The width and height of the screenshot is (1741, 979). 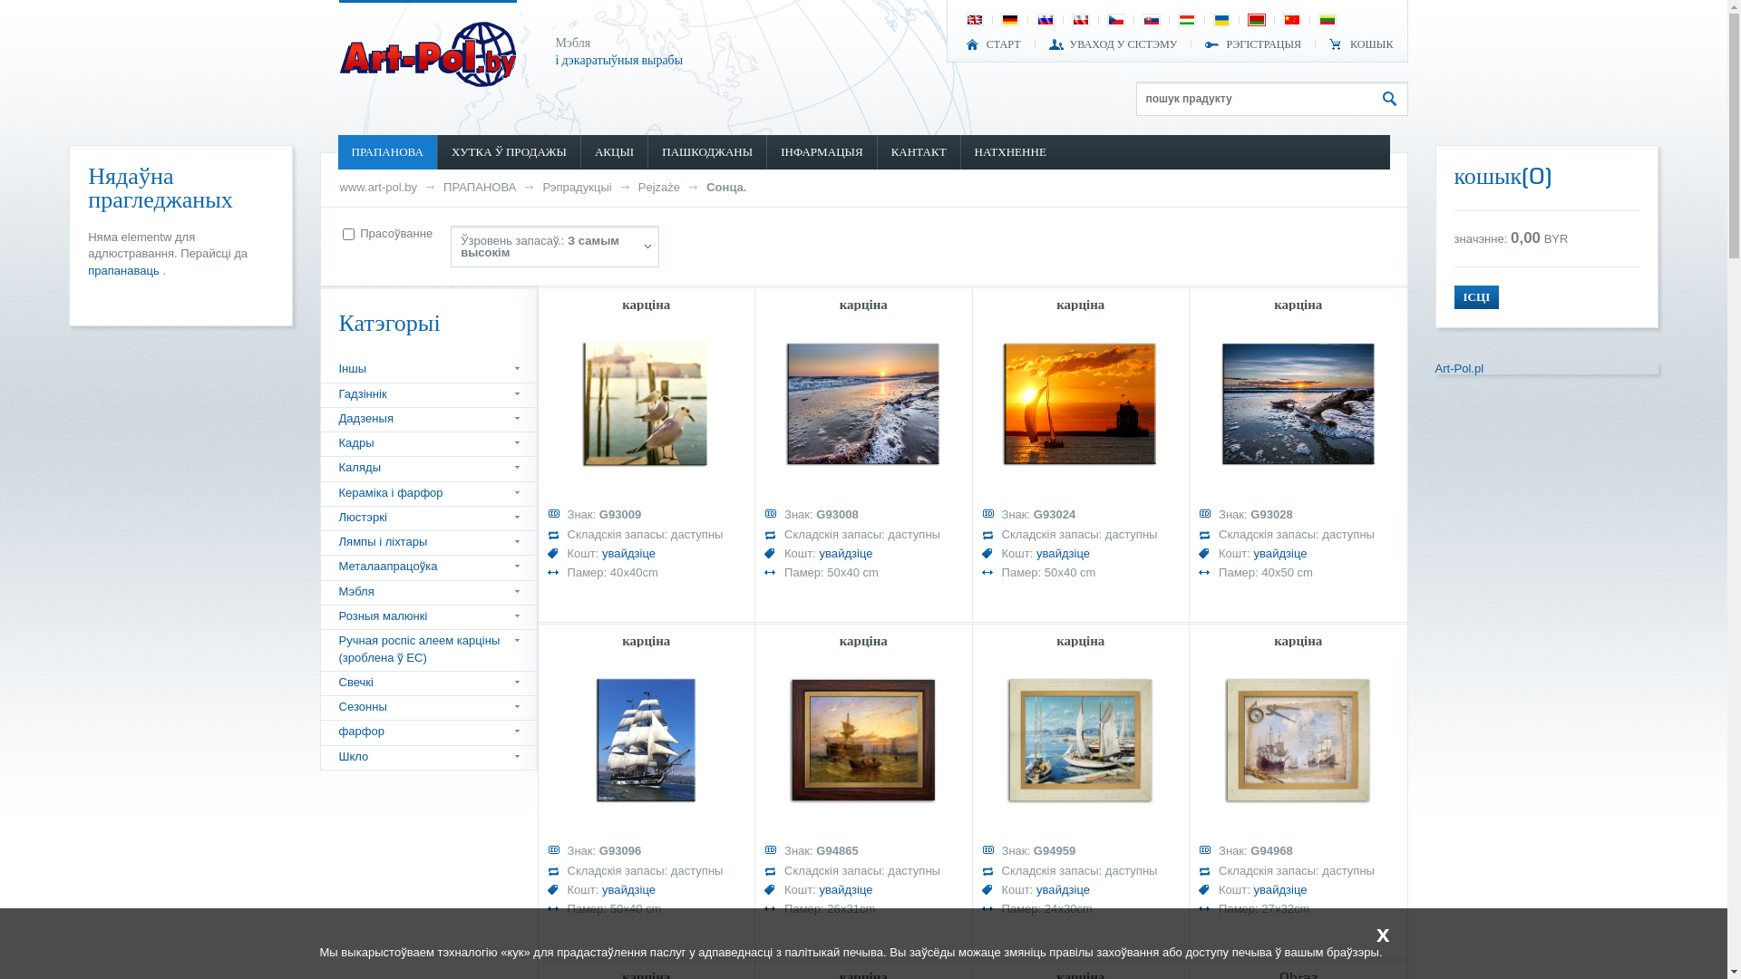 I want to click on 'ru', so click(x=1045, y=20).